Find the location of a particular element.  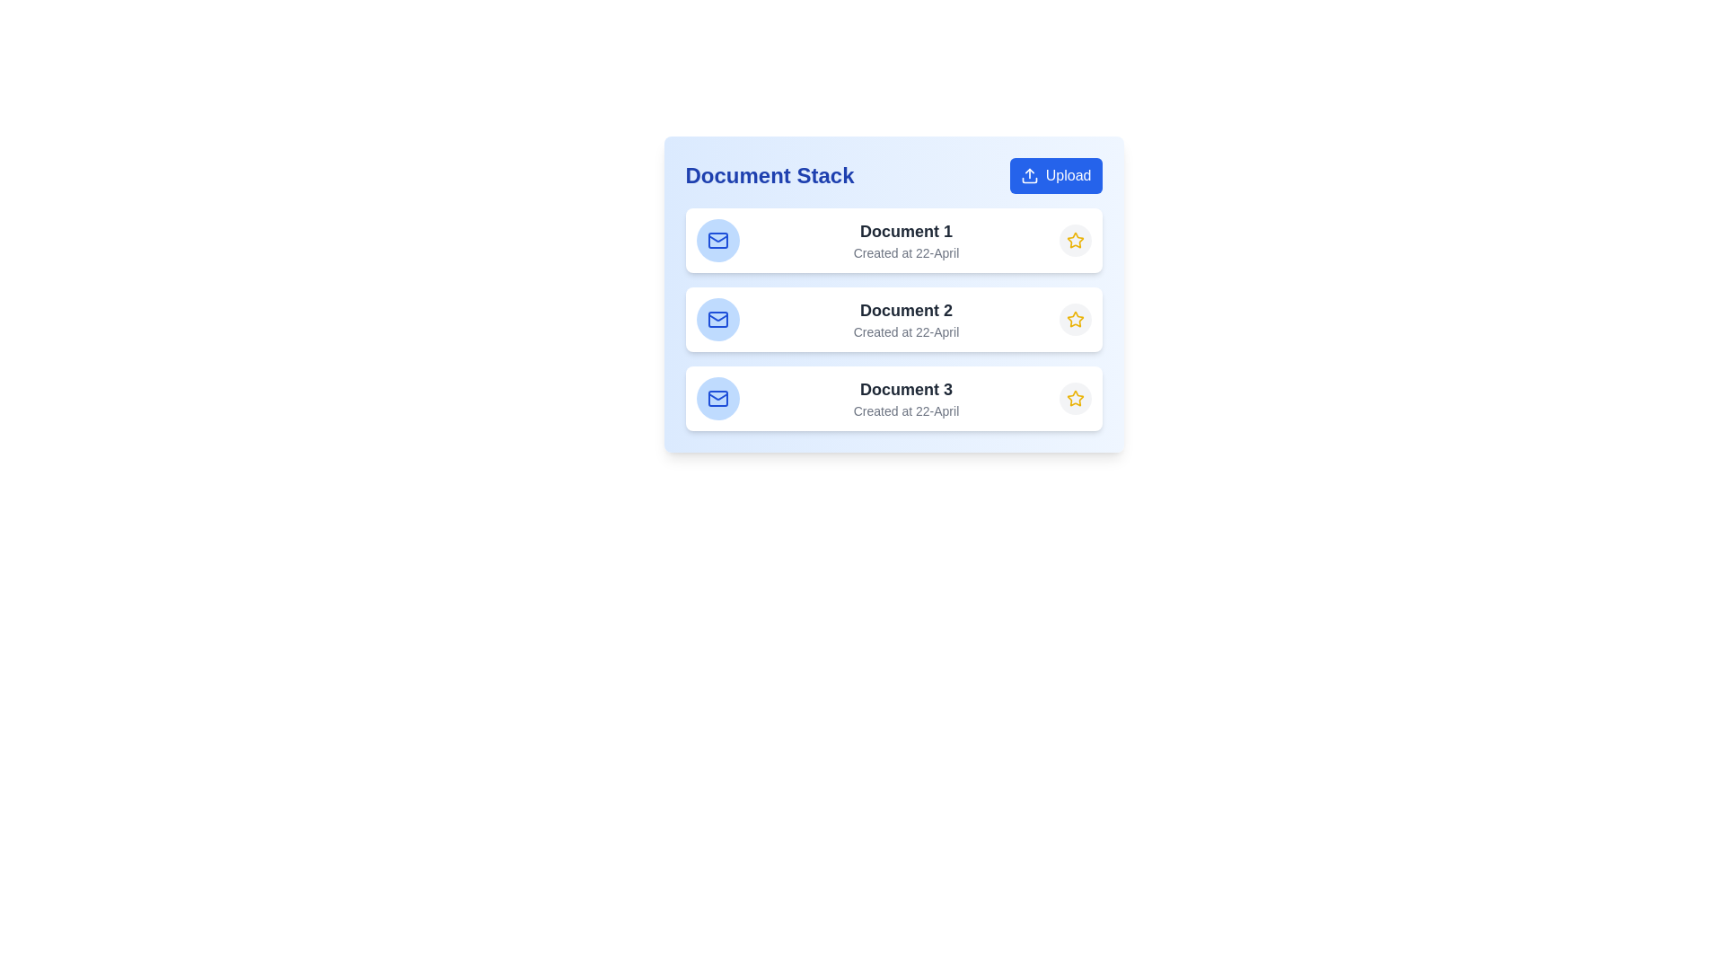

the SVG graphical icon representing an email-related document, which is located in the first row of a vertically arranged list, positioned to the far left within a circular background with a blue border is located at coordinates (717, 239).